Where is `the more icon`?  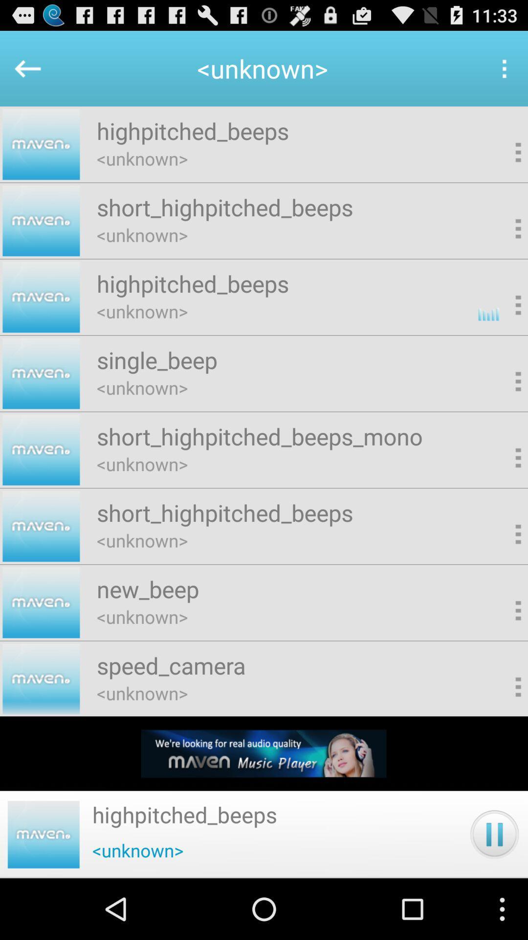
the more icon is located at coordinates (502, 572).